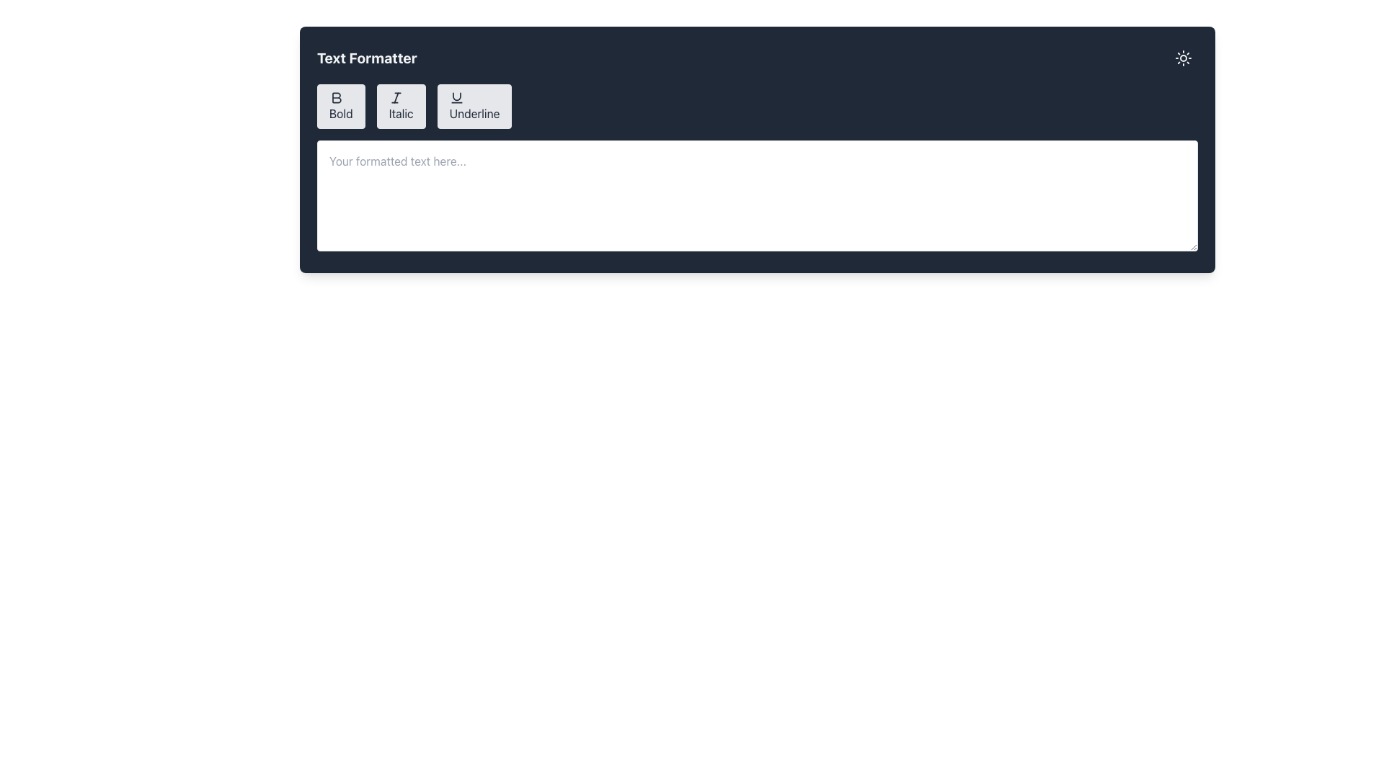  Describe the element at coordinates (1183, 58) in the screenshot. I see `the button in the top-right corner of the 'Text Formatter' section` at that location.